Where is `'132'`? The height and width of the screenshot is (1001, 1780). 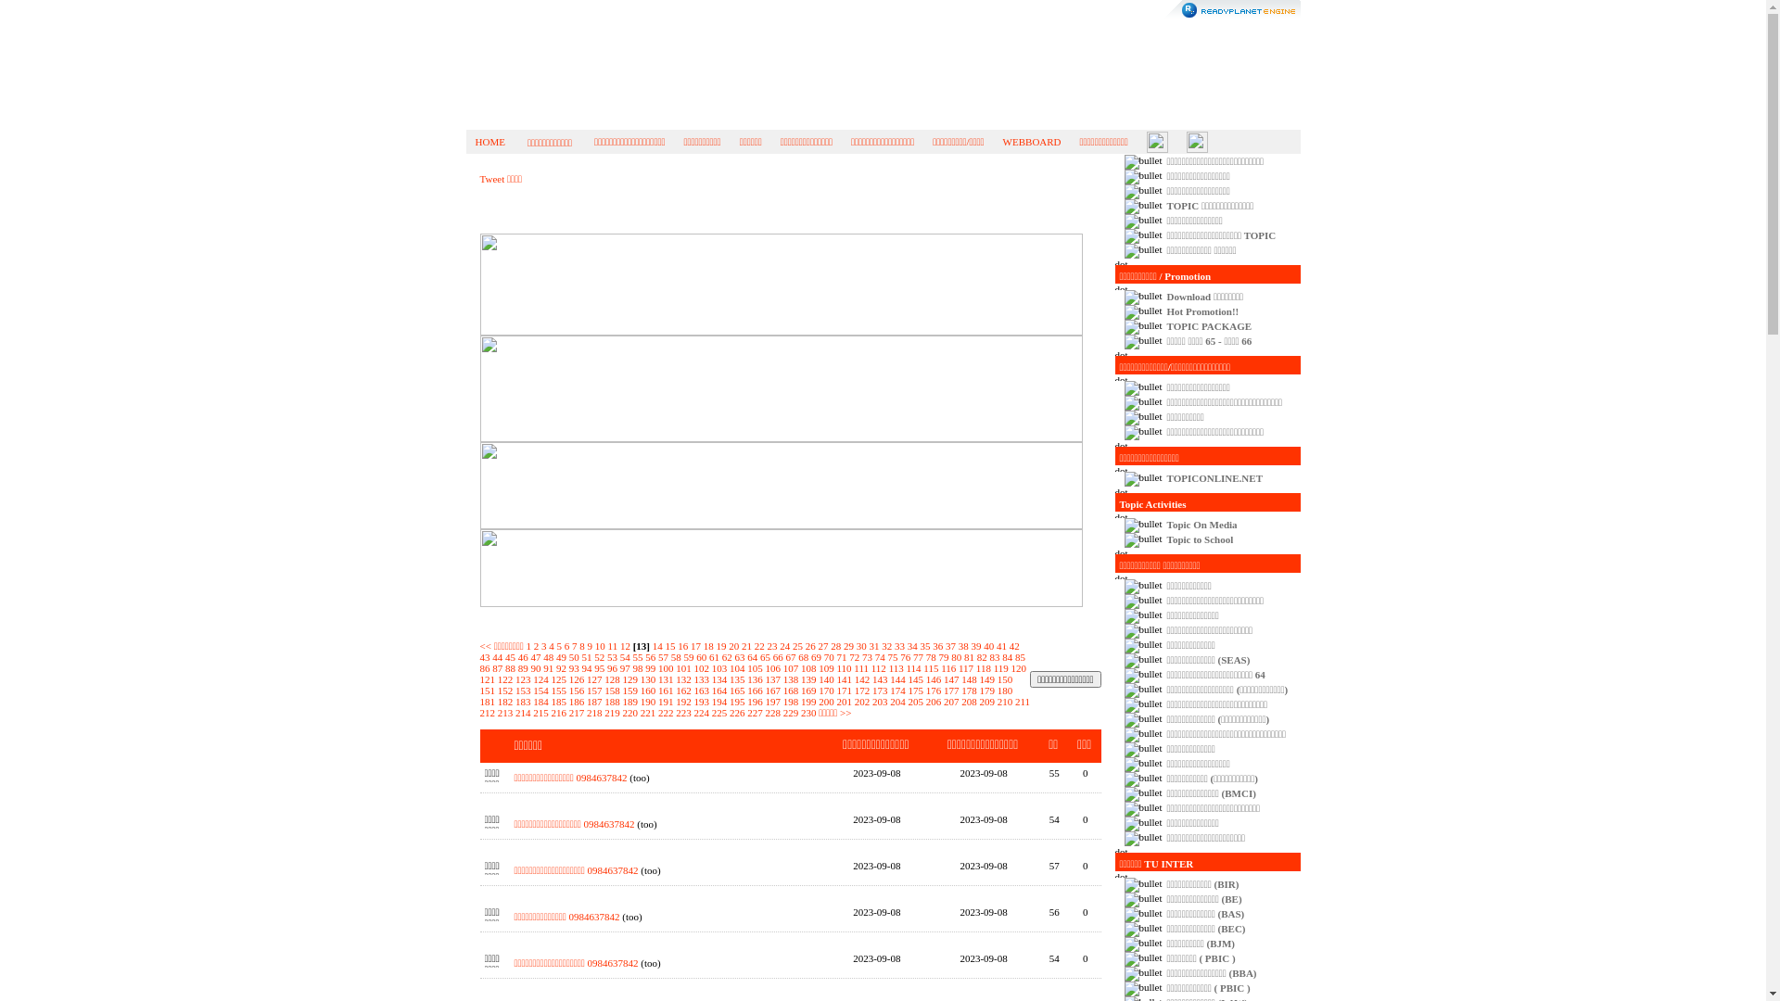 '132' is located at coordinates (675, 678).